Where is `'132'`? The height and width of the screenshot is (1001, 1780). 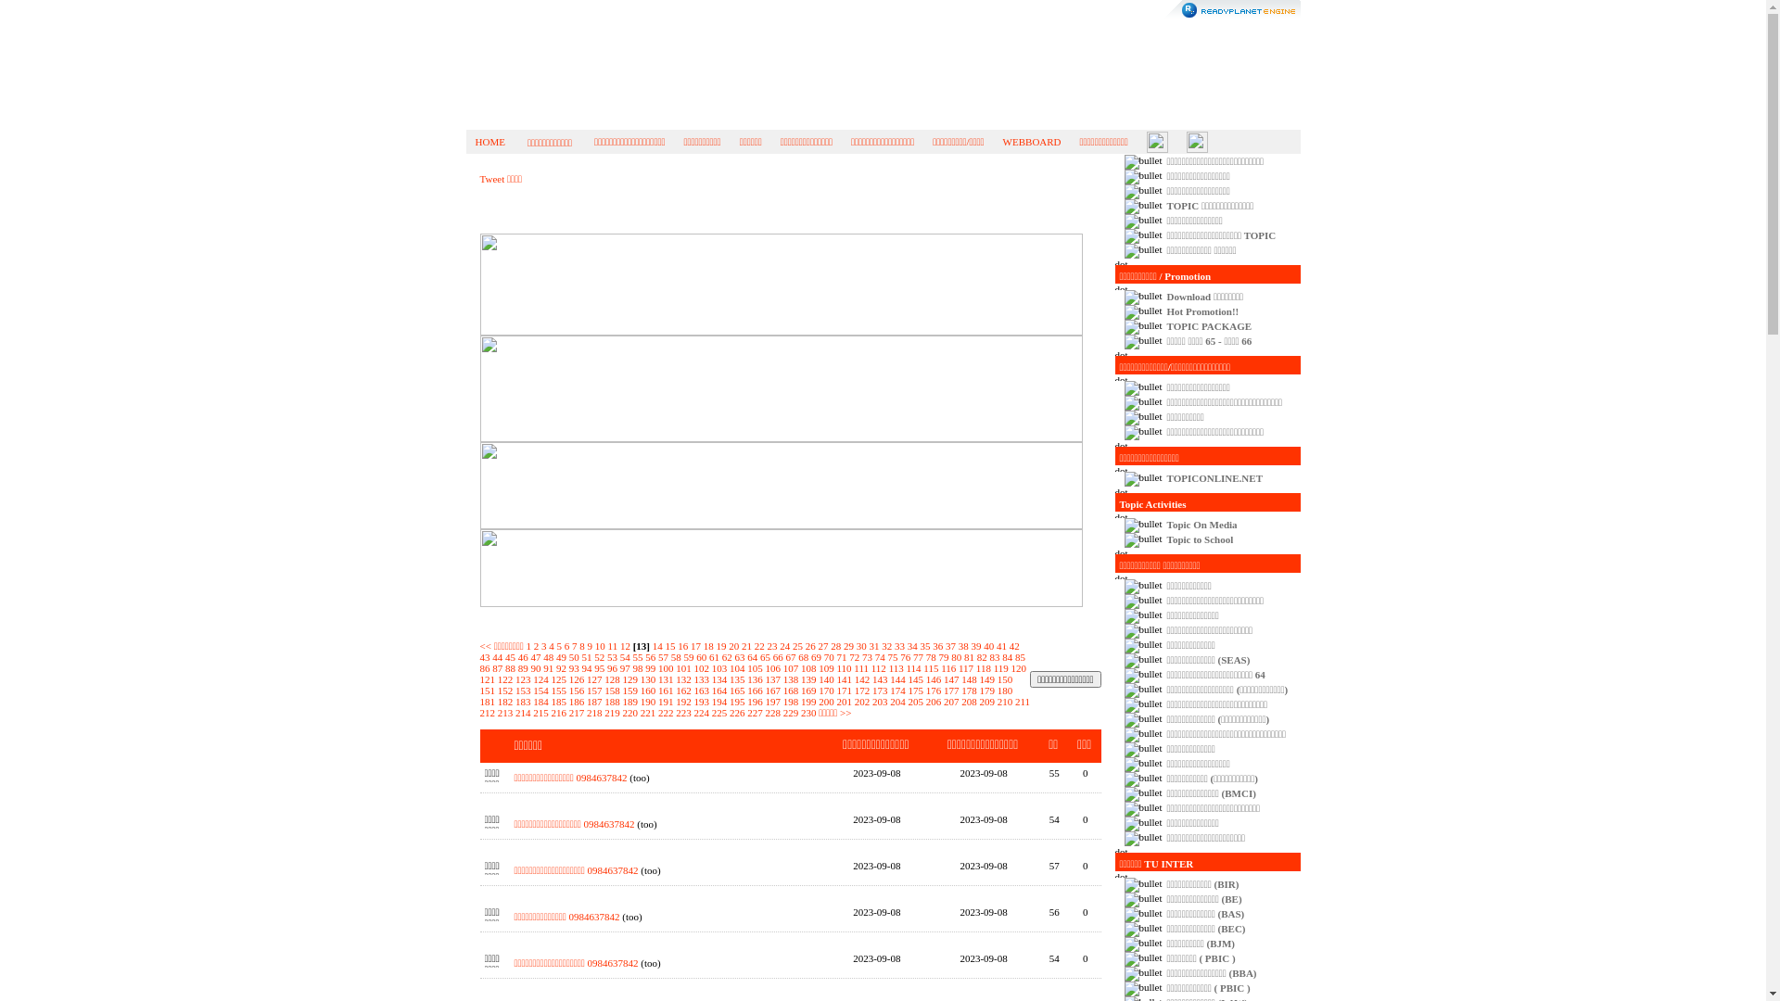 '132' is located at coordinates (675, 678).